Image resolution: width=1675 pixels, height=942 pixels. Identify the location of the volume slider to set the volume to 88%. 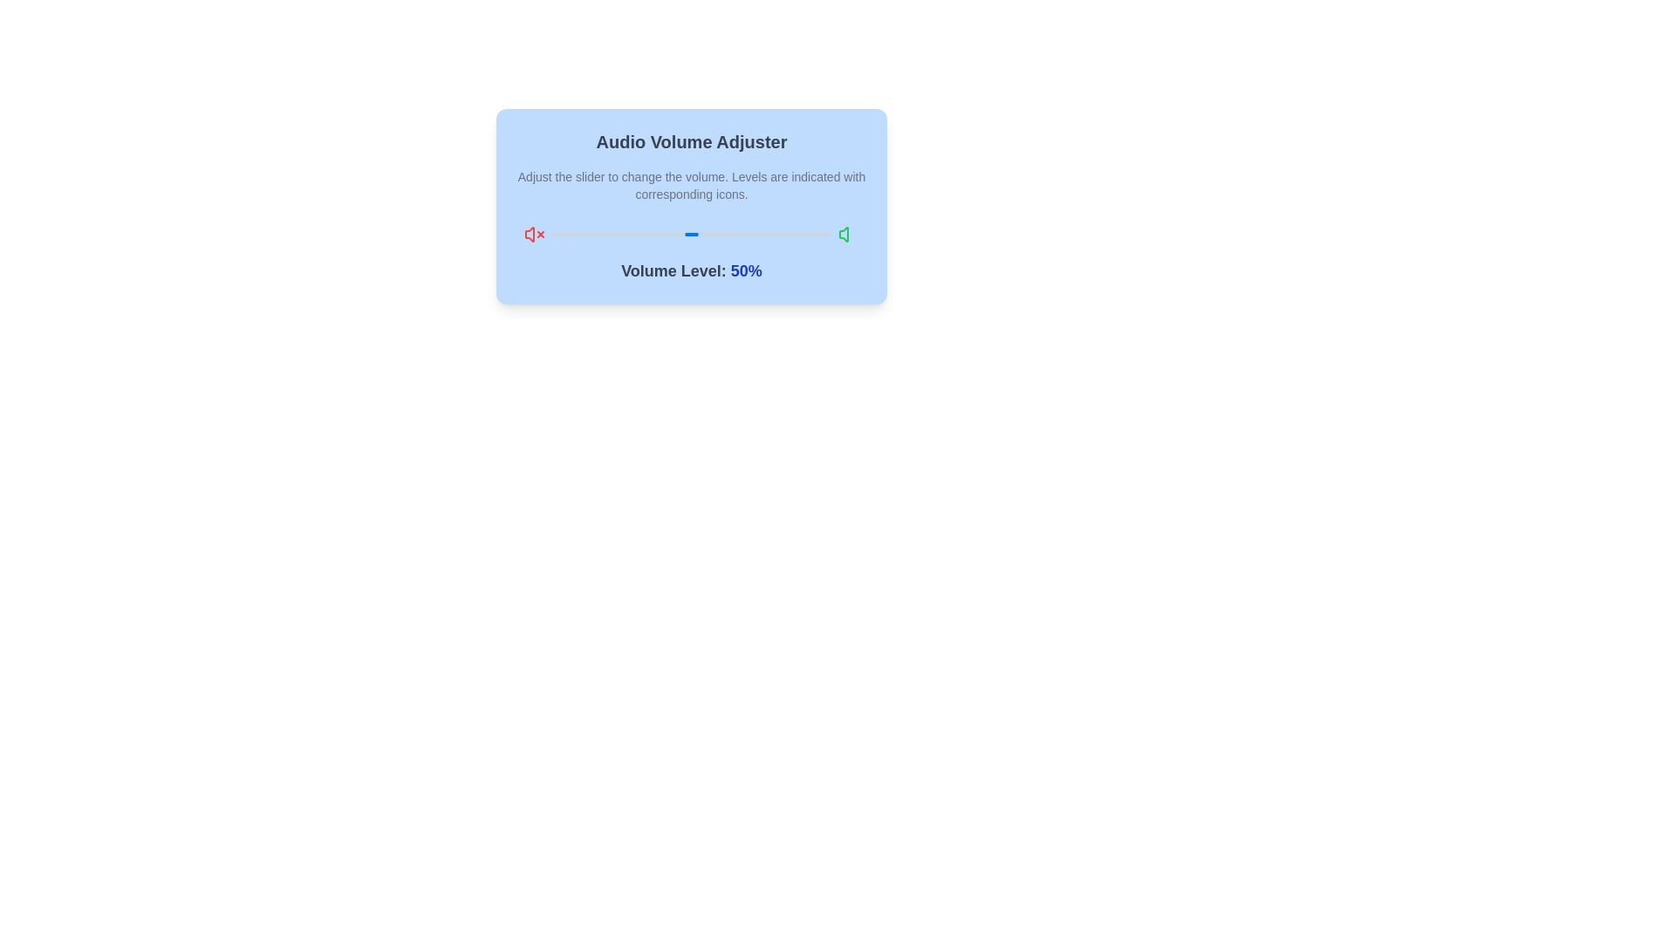
(796, 234).